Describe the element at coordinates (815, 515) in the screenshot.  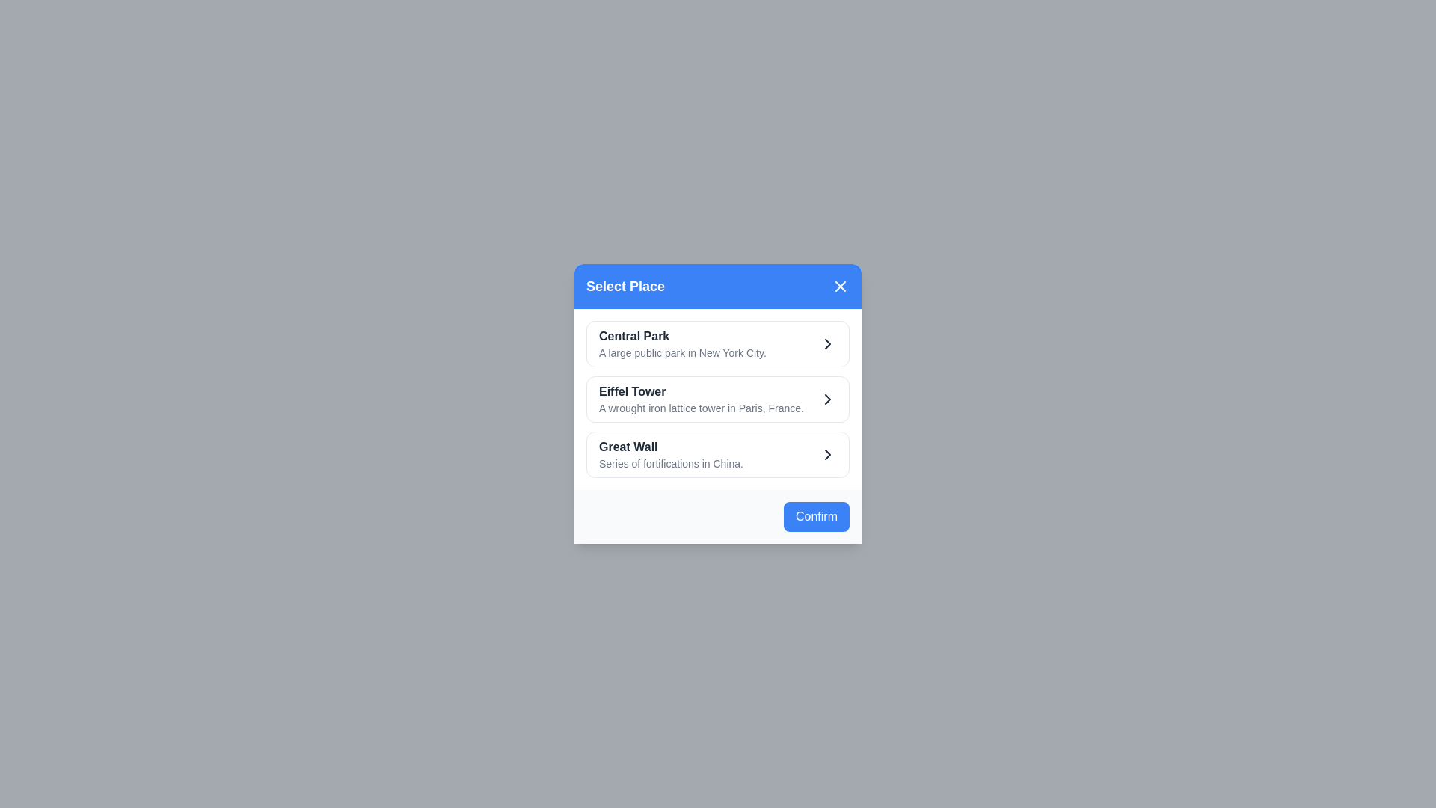
I see `the Confirm button to confirm the selected place` at that location.